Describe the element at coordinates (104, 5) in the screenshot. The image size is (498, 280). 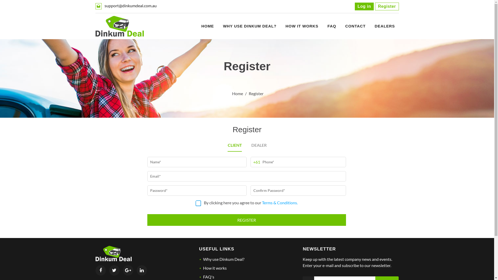
I see `'support@dinkumdeal.com.au'` at that location.